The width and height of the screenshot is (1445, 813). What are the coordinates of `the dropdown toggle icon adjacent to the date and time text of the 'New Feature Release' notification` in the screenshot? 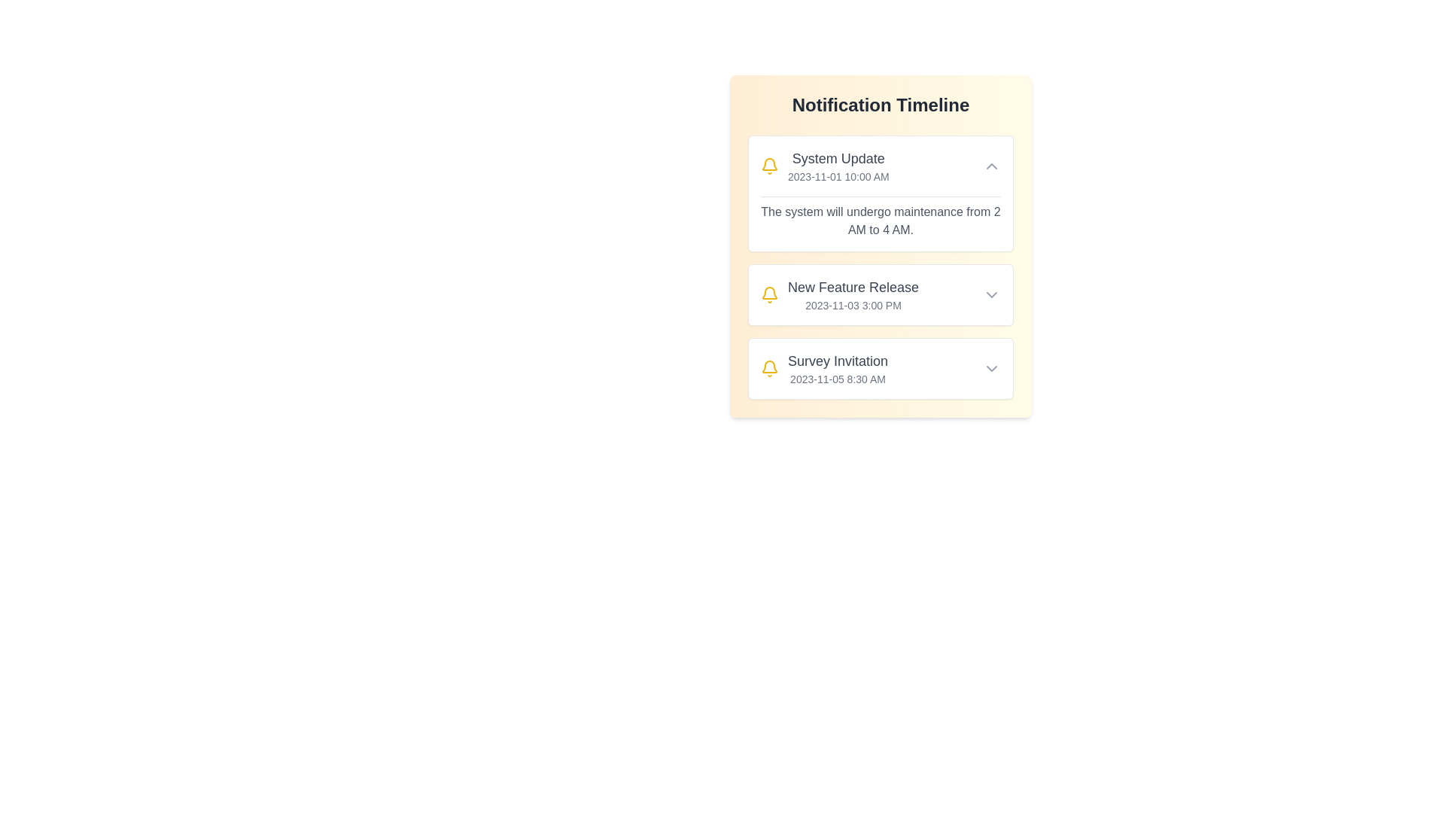 It's located at (992, 295).